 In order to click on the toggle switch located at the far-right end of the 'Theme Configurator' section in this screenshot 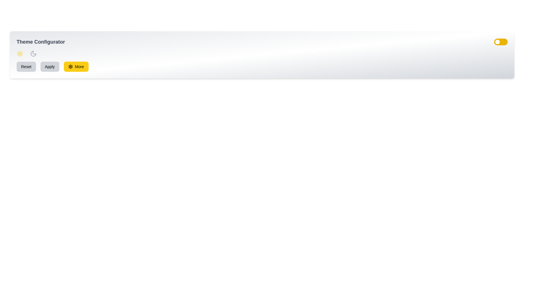, I will do `click(501, 42)`.